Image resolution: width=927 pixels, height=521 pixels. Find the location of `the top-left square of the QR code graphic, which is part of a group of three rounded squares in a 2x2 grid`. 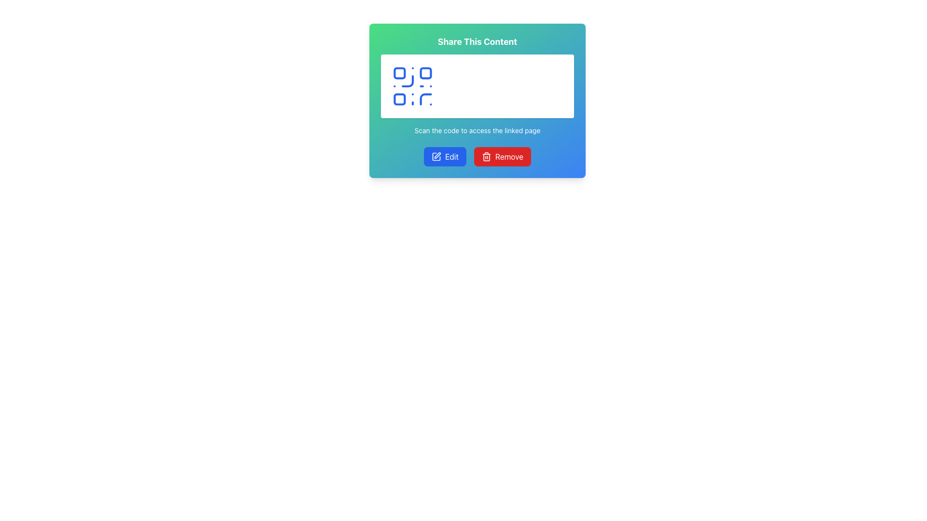

the top-left square of the QR code graphic, which is part of a group of three rounded squares in a 2x2 grid is located at coordinates (399, 72).